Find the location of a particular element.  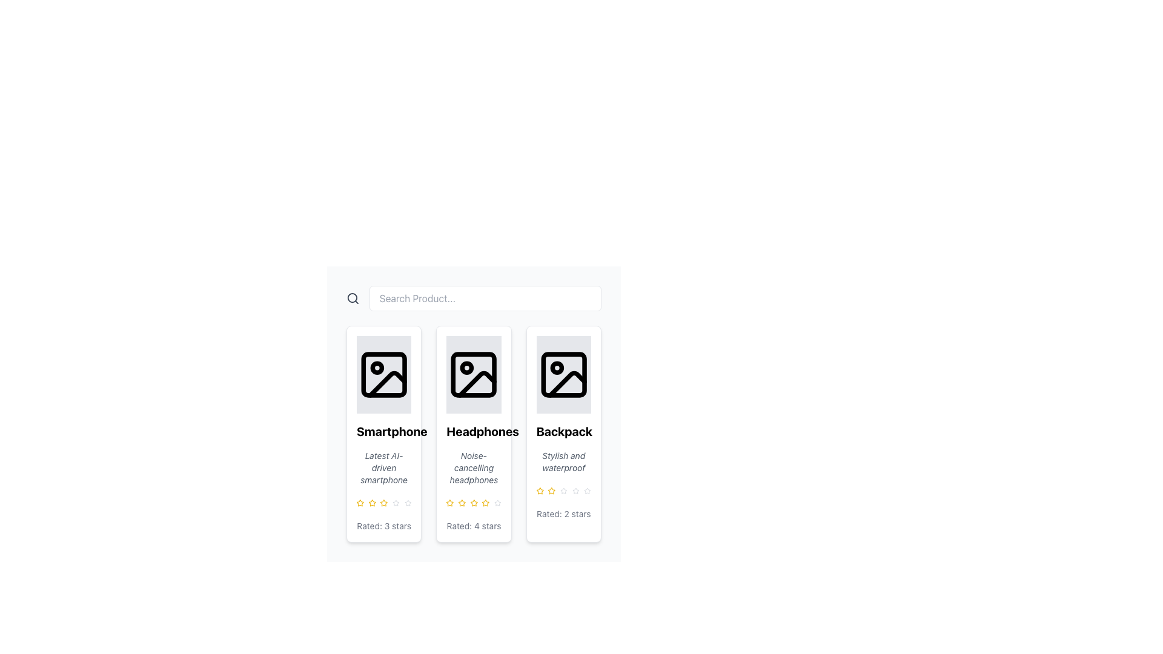

the SVG image placeholder with a gray background and an icon representing an image, located in the product card layout for a smartphone, to get more information is located at coordinates (383, 374).